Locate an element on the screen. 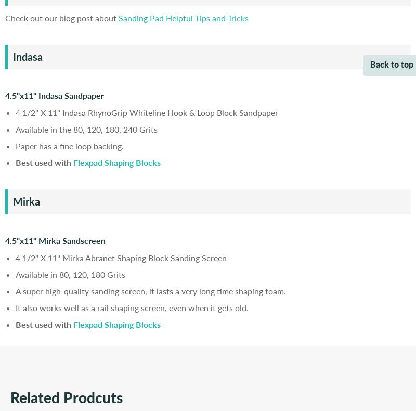 The height and width of the screenshot is (411, 416). 'Available in the 80, 120, 180, 240 Grits' is located at coordinates (86, 129).